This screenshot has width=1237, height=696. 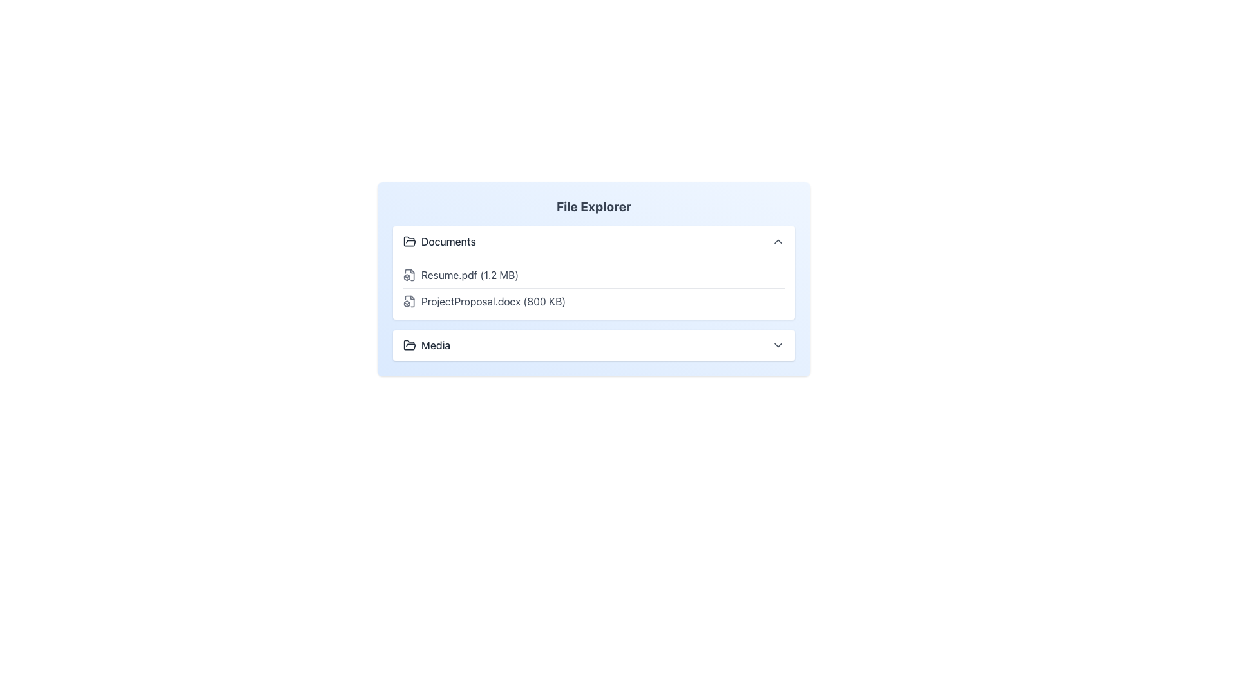 I want to click on the List item representing the file entry 'ProjectProposal.docx (800 KB)' in the 'Documents' section of the 'File Explorer' interface, so click(x=593, y=301).